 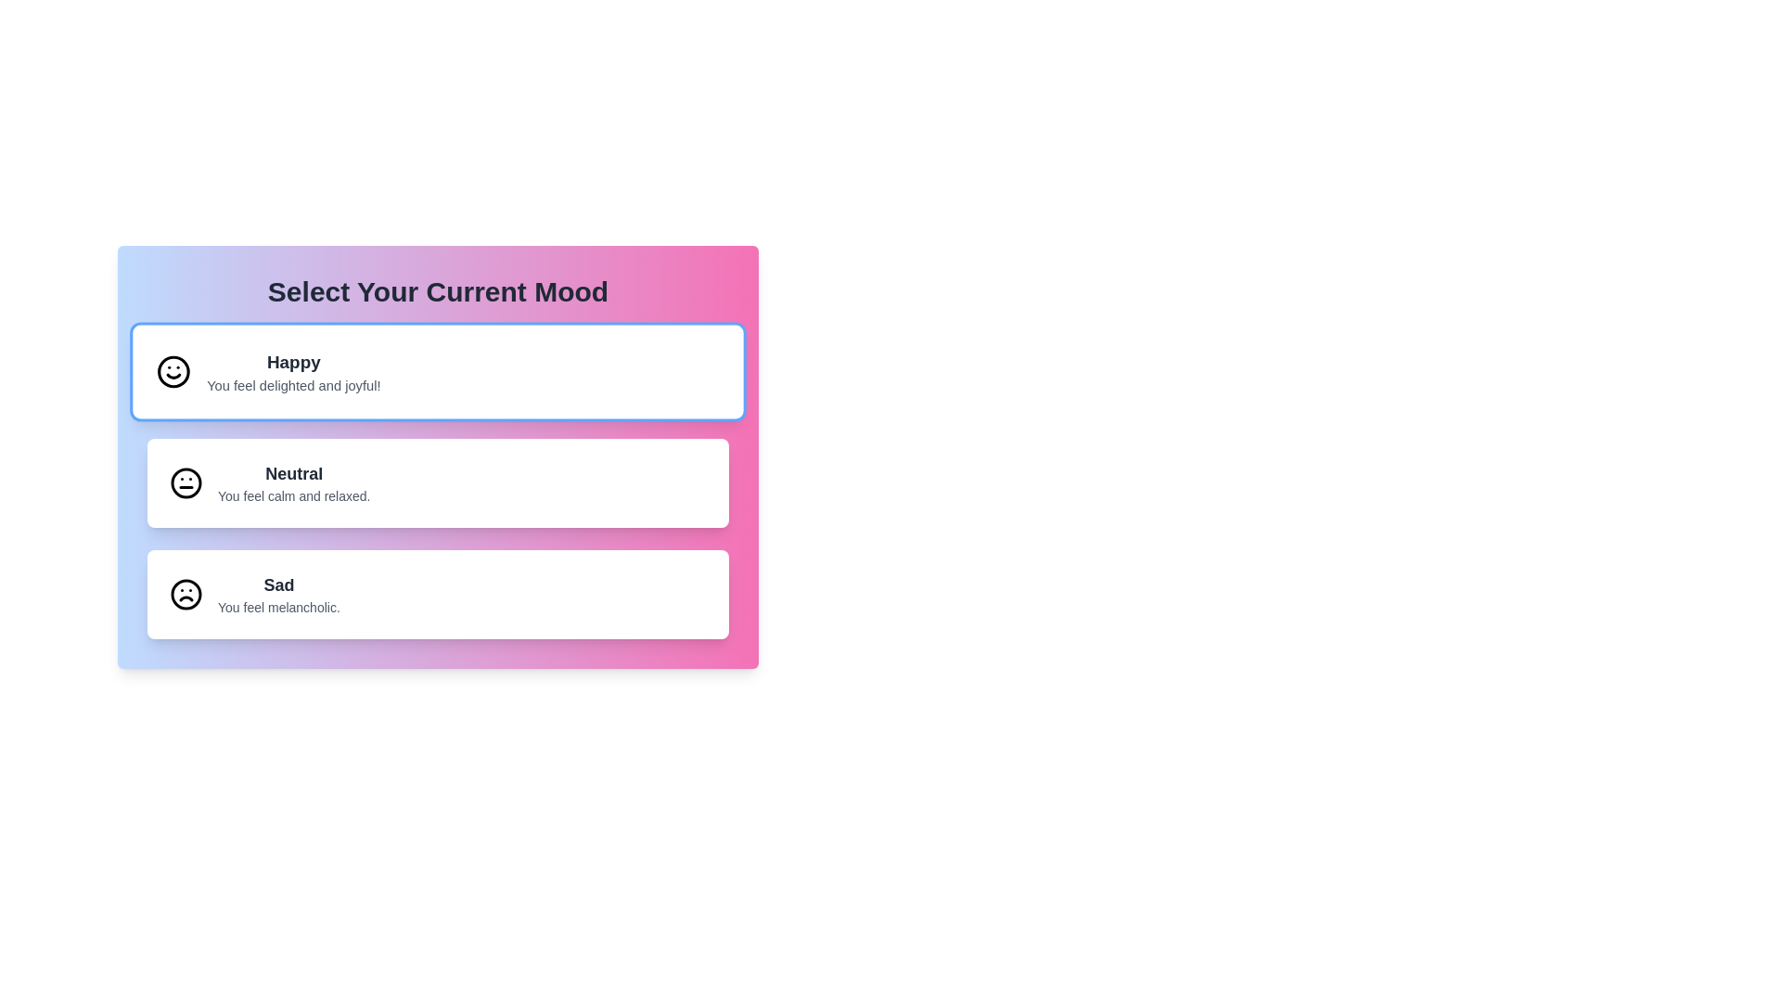 What do you see at coordinates (277, 608) in the screenshot?
I see `the text label that provides additional information about the 'Sad' mood option, located centrally below the title 'Sad'` at bounding box center [277, 608].